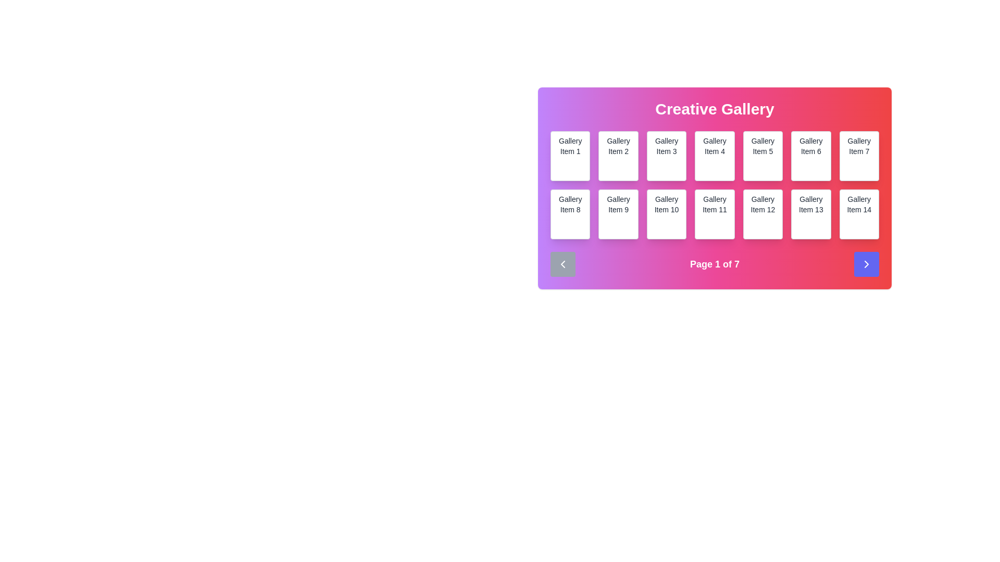  Describe the element at coordinates (810, 214) in the screenshot. I see `the Static display card that has a white background and displays the text 'Gallery Item 13' in black, located in the second row, sixth column of a 2x7 grid` at that location.